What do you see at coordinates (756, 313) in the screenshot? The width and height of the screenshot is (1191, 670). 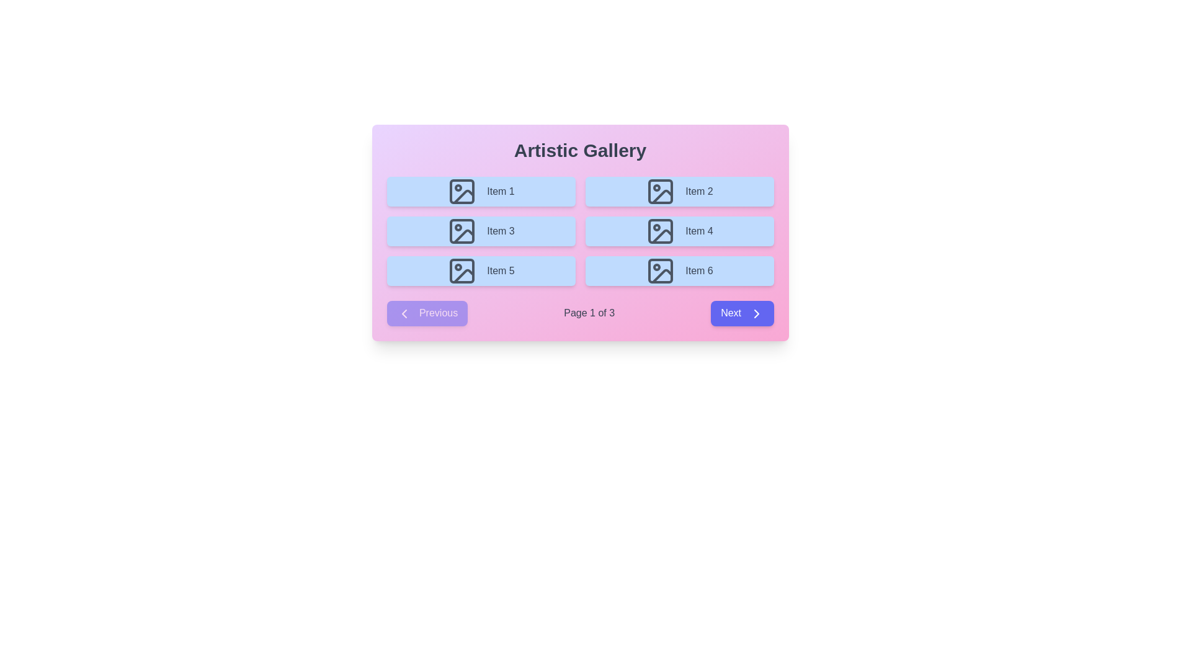 I see `the directional indicator icon within the 'Next' button at the bottom right of the interface` at bounding box center [756, 313].